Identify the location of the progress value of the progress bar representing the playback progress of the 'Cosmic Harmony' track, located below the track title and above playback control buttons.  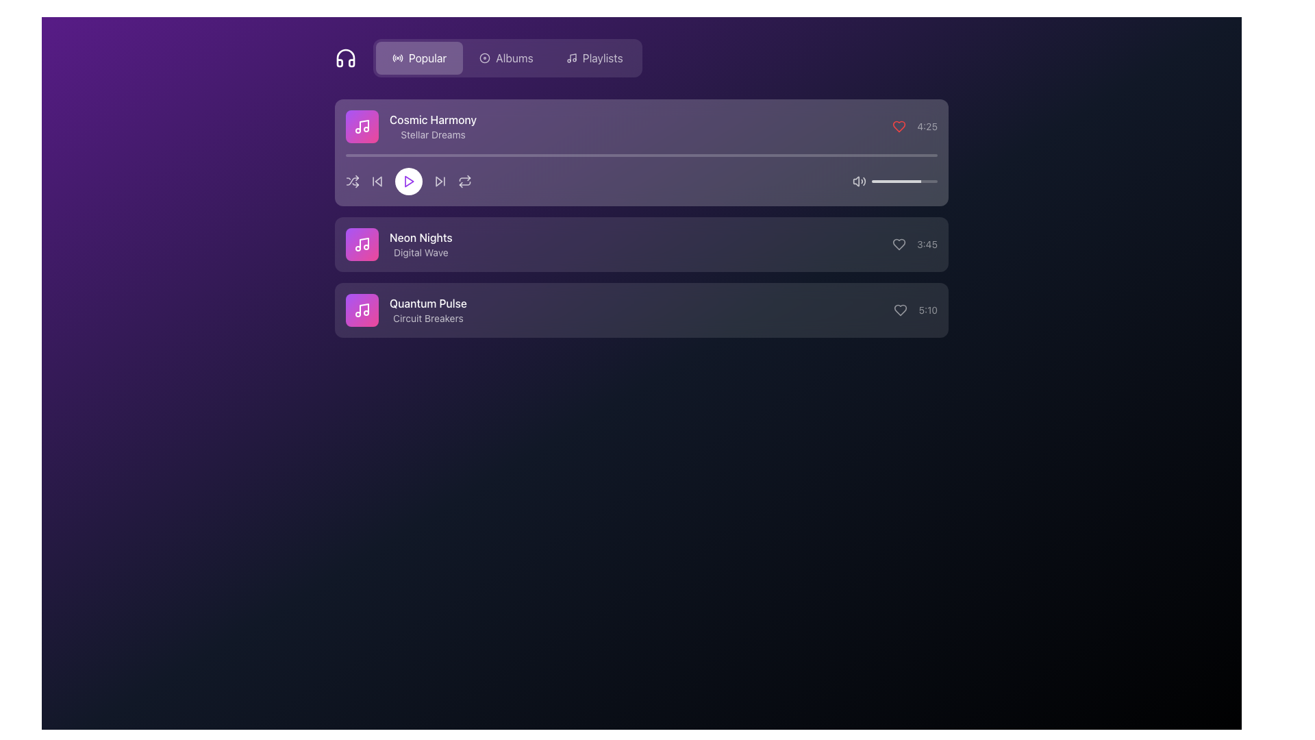
(640, 173).